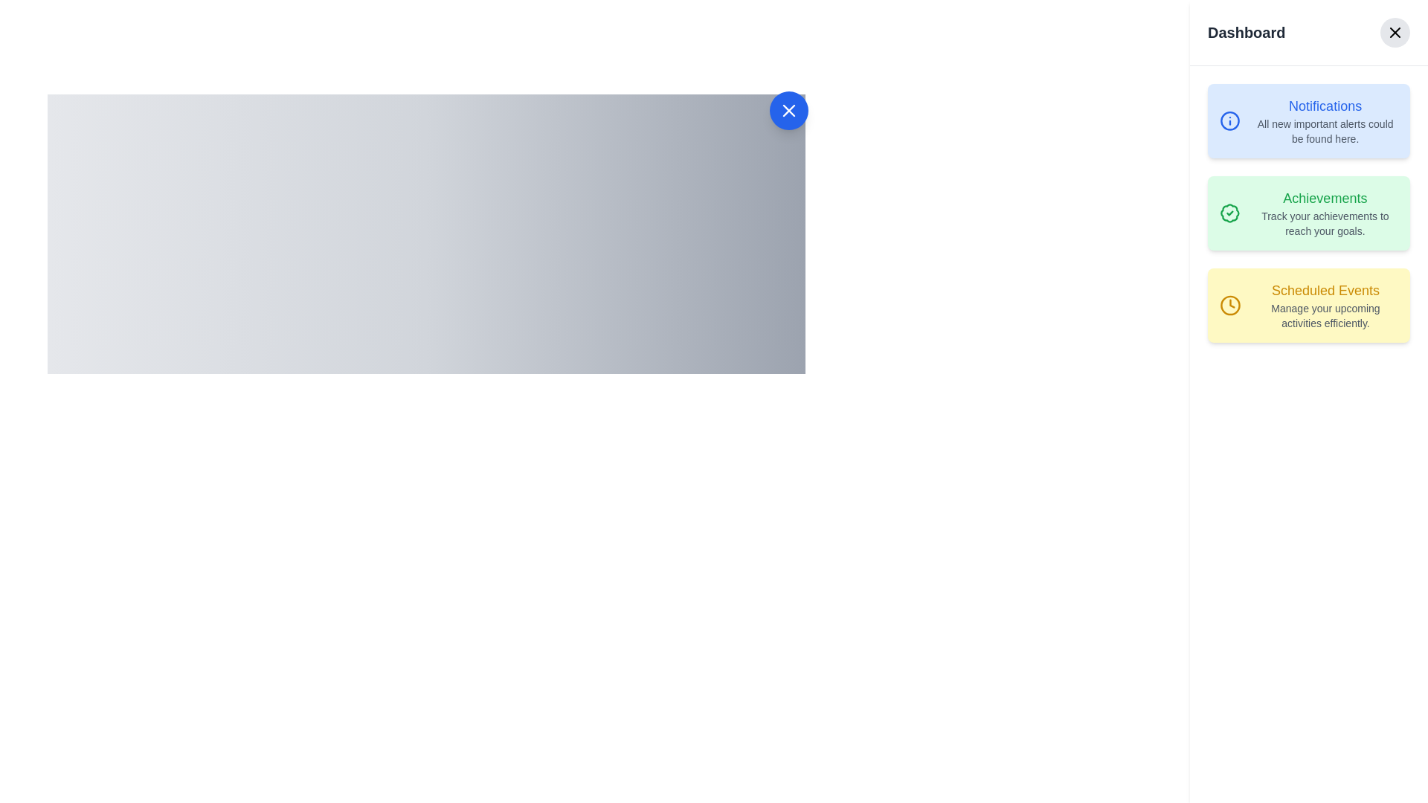 This screenshot has height=803, width=1428. I want to click on the second Informational Card in the vertical list located in the sidebar panel, which provides an overview of achievements and encourages users to track their progress toward goals, so click(1309, 213).